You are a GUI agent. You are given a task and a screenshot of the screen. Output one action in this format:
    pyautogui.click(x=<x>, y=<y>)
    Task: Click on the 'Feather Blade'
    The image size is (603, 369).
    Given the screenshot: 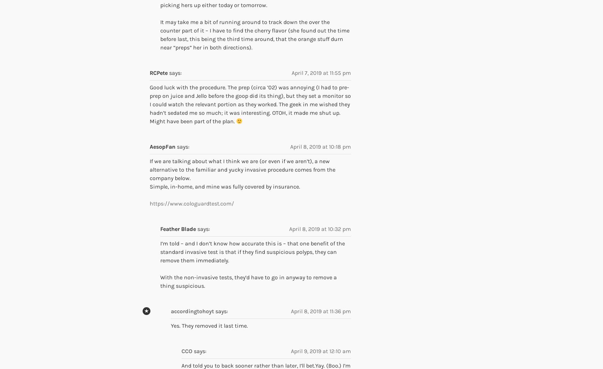 What is the action you would take?
    pyautogui.click(x=178, y=229)
    